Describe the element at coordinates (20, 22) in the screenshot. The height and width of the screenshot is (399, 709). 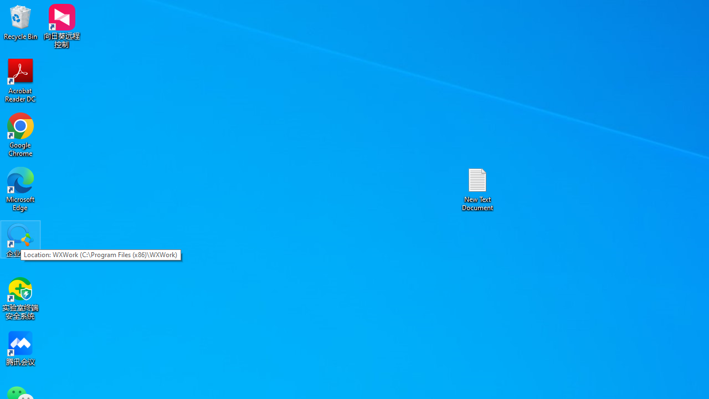
I see `'Recycle Bin'` at that location.